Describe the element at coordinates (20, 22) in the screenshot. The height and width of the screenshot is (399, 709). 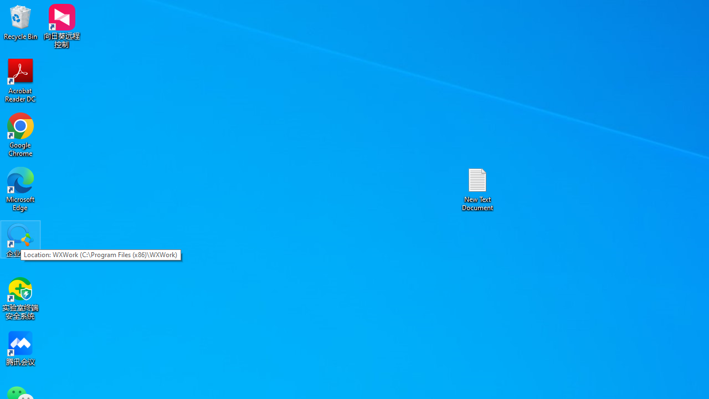
I see `'Recycle Bin'` at that location.